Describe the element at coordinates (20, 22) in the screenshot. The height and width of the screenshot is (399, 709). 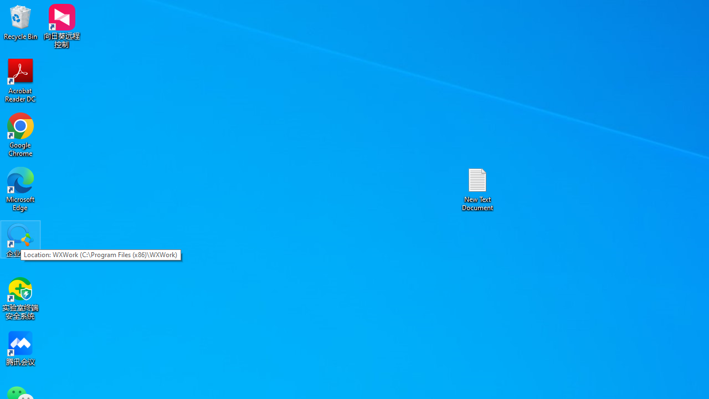
I see `'Recycle Bin'` at that location.